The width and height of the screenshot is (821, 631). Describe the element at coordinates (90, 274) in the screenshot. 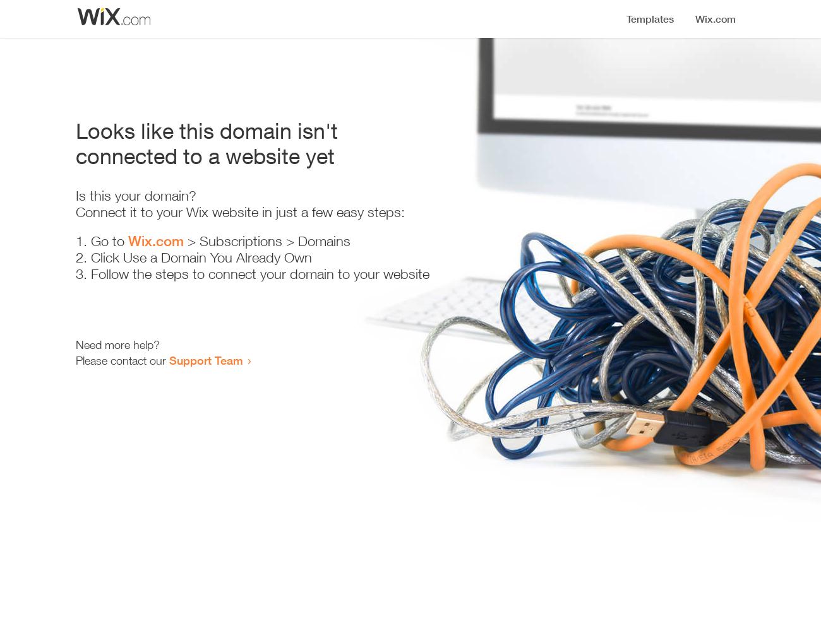

I see `'Follow the steps to connect your domain to your website'` at that location.